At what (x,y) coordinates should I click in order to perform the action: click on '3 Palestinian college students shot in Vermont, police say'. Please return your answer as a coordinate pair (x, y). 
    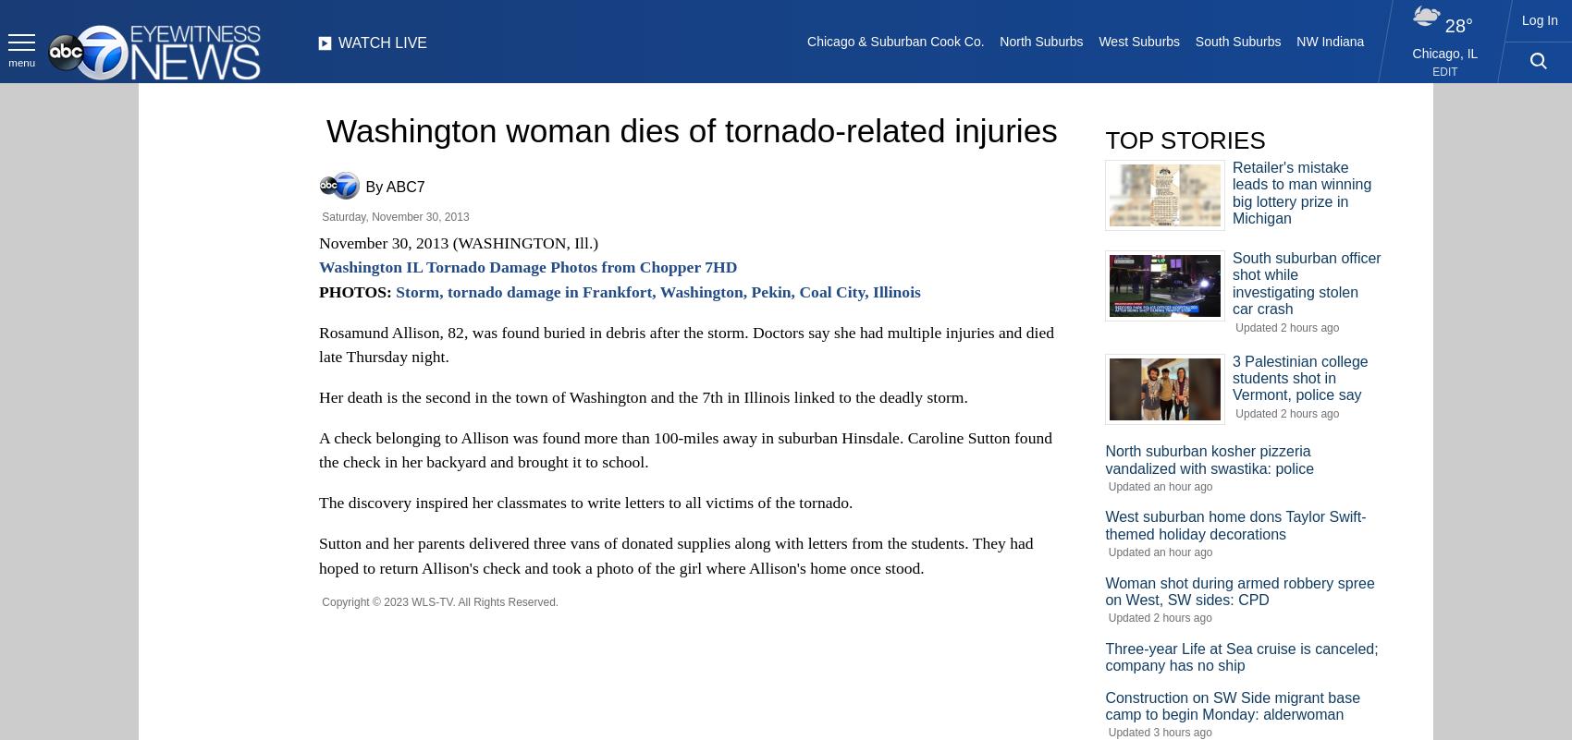
    Looking at the image, I should click on (1298, 376).